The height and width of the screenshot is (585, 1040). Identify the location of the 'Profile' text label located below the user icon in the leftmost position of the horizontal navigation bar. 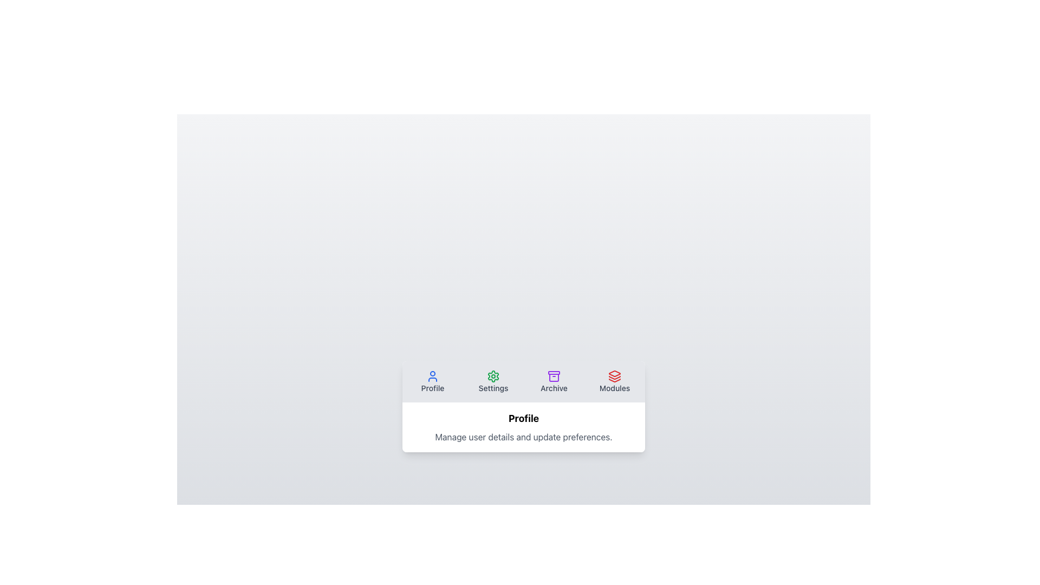
(432, 388).